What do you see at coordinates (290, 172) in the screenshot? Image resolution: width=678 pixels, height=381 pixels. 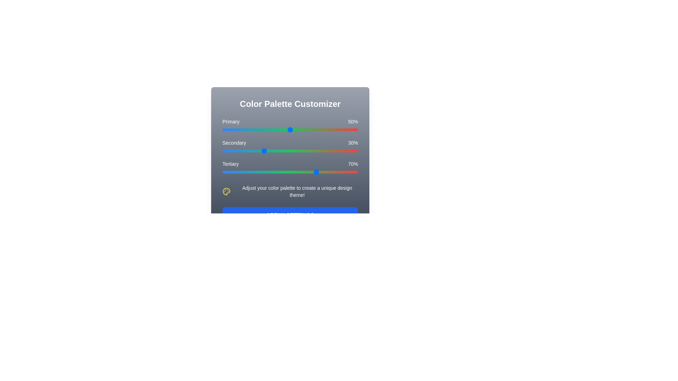 I see `the Tertiary range slider, which is a horizontal slider with a gradient background from blue to red, currently positioned at 70%` at bounding box center [290, 172].